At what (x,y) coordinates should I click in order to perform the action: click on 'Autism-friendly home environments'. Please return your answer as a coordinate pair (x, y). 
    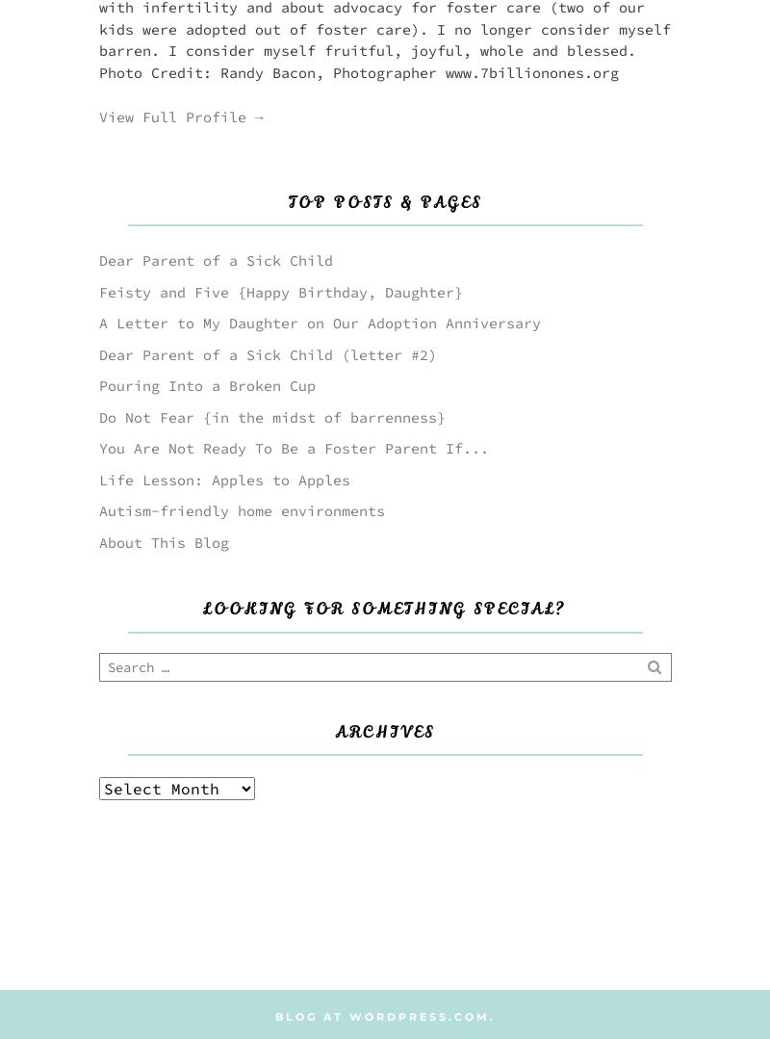
    Looking at the image, I should click on (240, 510).